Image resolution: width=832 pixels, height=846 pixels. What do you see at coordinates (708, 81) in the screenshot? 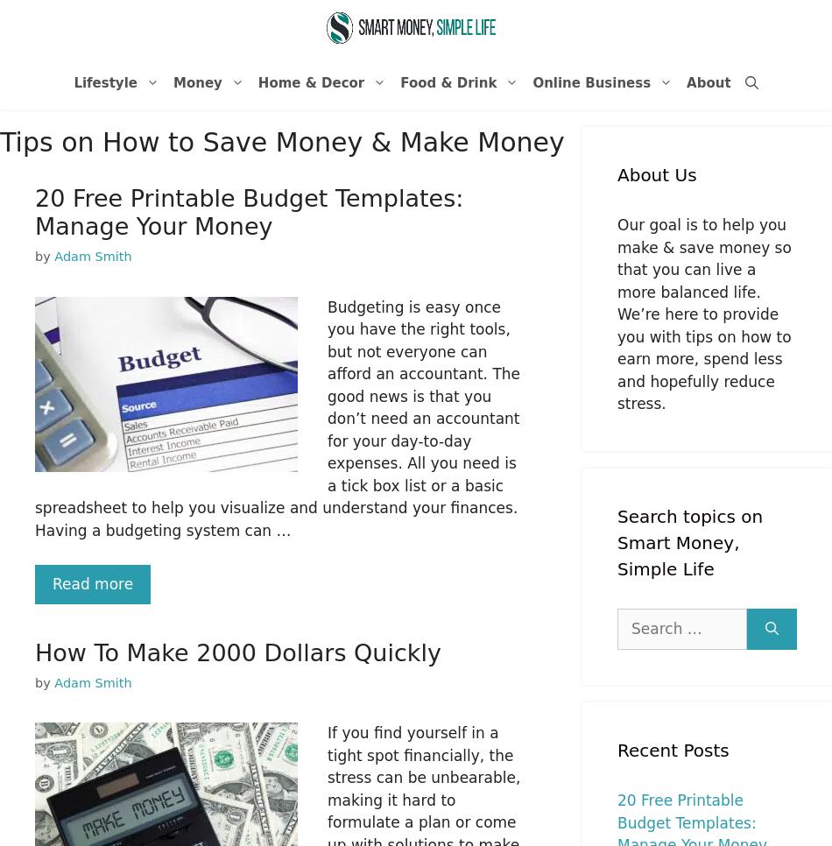
I see `'About'` at bounding box center [708, 81].